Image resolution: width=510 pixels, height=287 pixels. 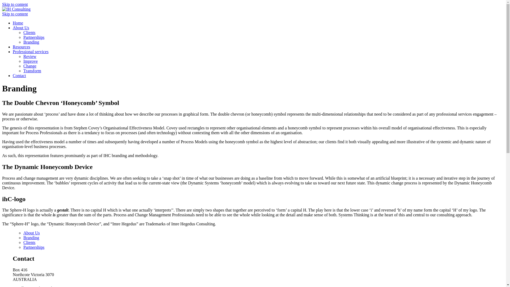 What do you see at coordinates (30, 61) in the screenshot?
I see `'Improve'` at bounding box center [30, 61].